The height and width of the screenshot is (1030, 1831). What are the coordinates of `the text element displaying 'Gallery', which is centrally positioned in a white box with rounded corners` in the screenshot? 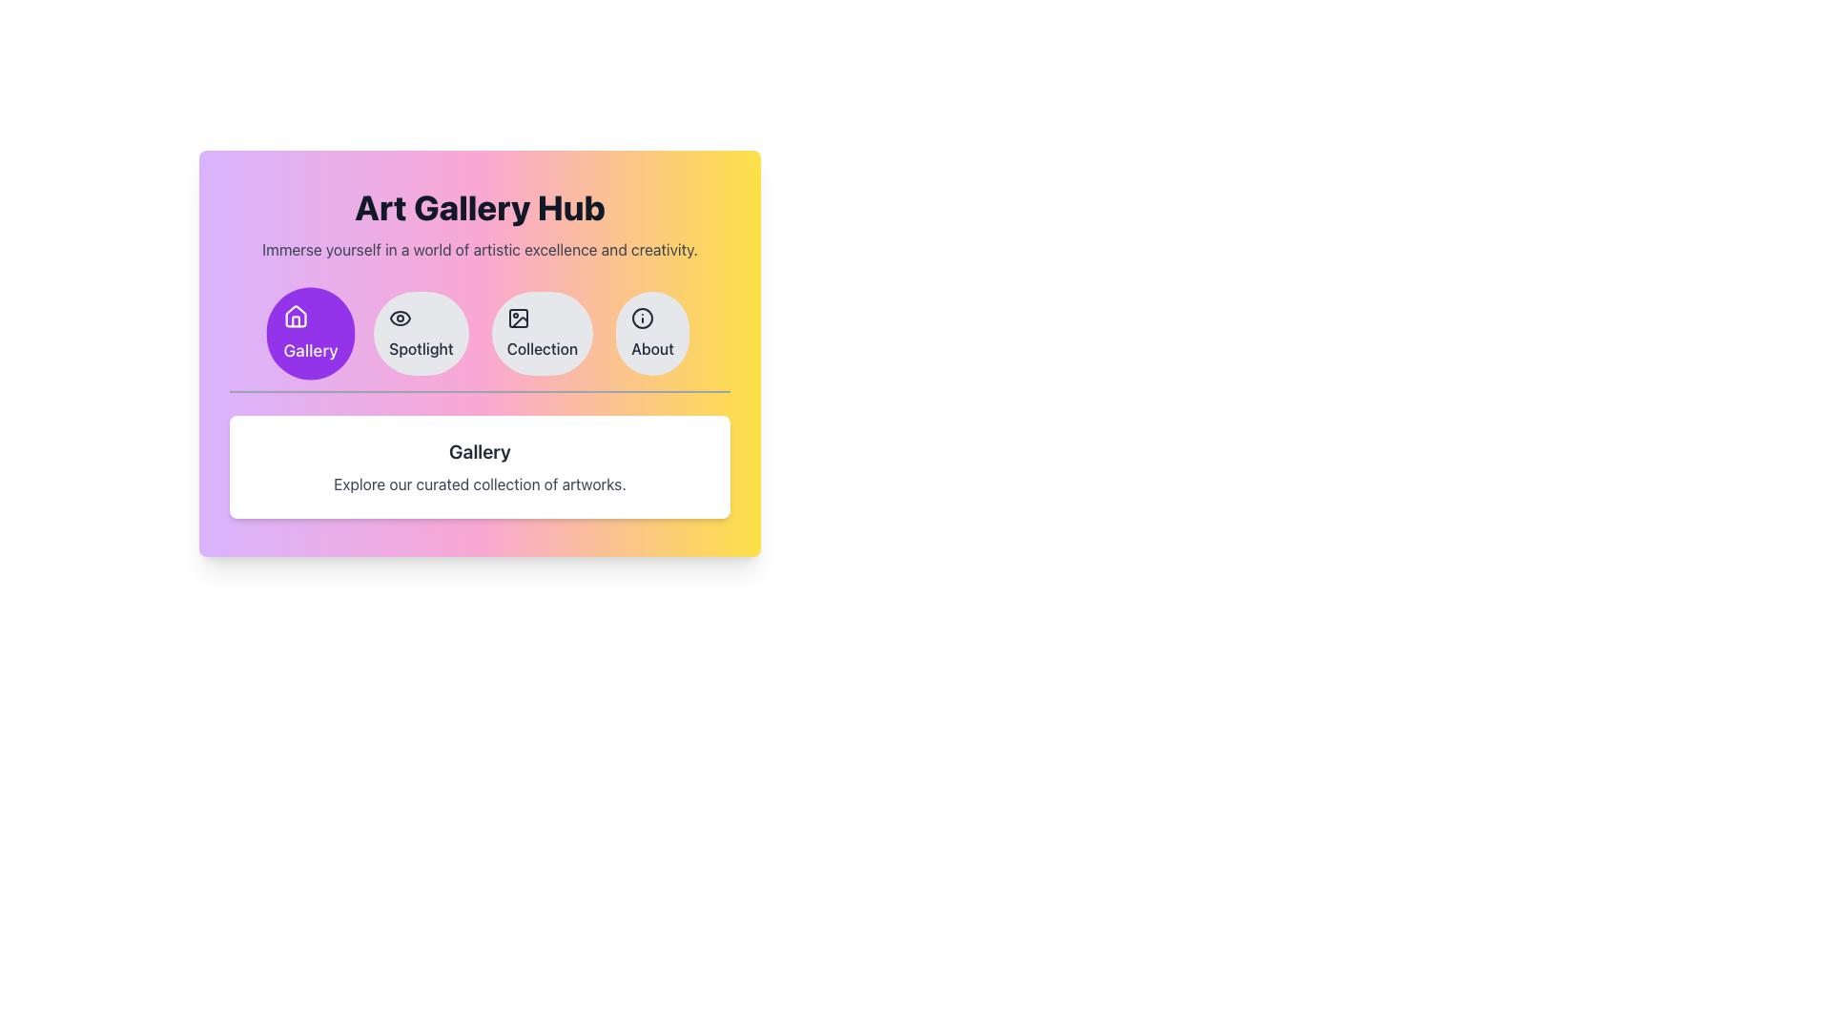 It's located at (480, 452).